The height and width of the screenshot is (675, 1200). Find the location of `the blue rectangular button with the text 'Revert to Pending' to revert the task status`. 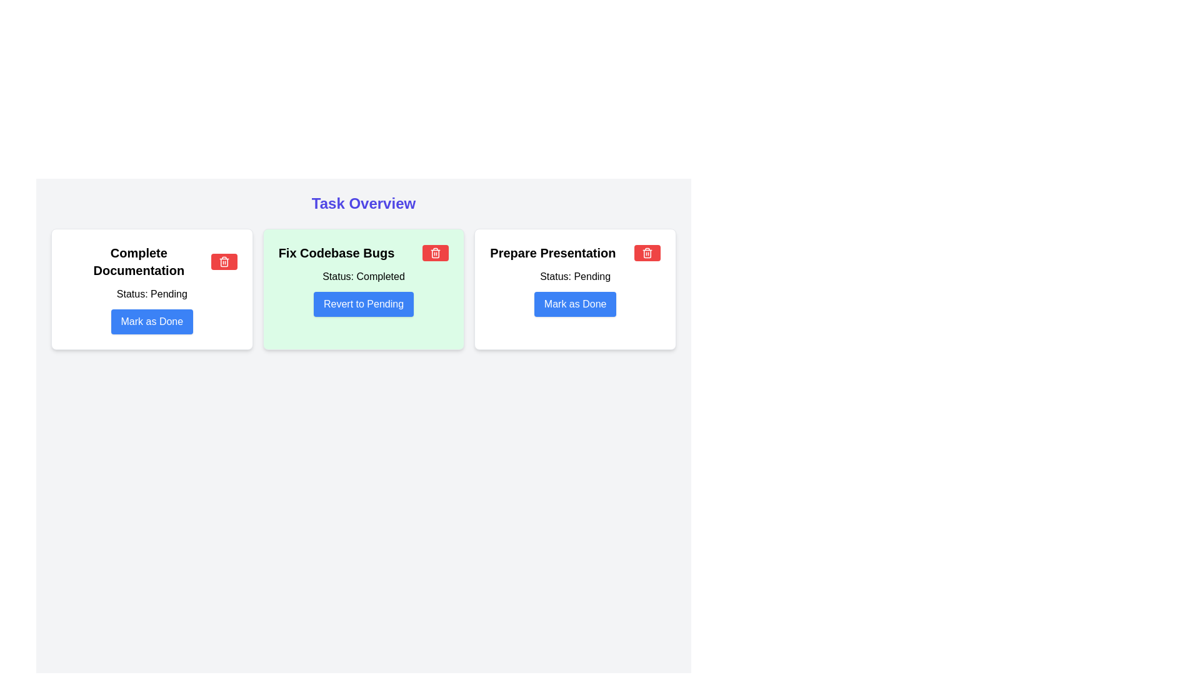

the blue rectangular button with the text 'Revert to Pending' to revert the task status is located at coordinates (362, 304).